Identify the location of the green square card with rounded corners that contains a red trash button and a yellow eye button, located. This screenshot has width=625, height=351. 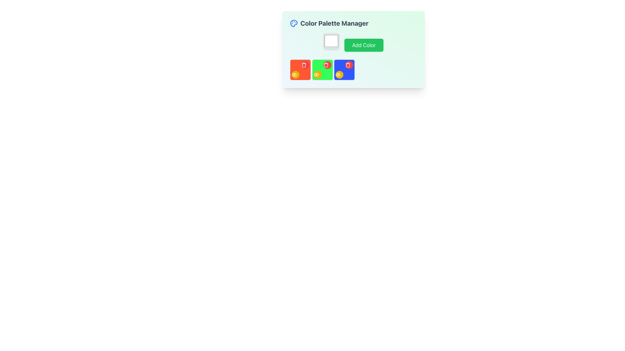
(322, 70).